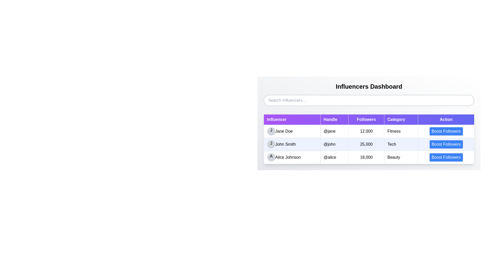  What do you see at coordinates (446, 119) in the screenshot?
I see `the fifth column header of the table labeled 'Boost Followers', which is positioned to the far right and aligns with the other headers including 'Influencer', 'Handle', 'Followers', and 'Category'` at bounding box center [446, 119].